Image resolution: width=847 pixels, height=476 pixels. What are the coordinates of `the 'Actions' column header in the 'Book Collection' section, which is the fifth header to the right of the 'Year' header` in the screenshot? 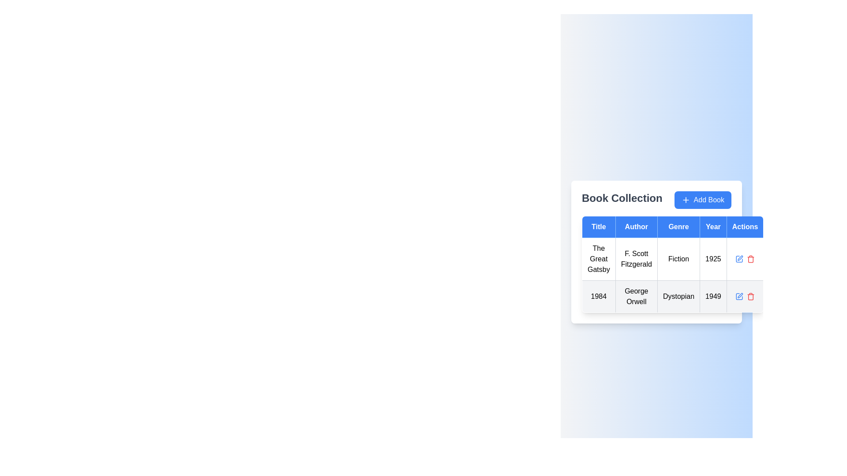 It's located at (745, 227).